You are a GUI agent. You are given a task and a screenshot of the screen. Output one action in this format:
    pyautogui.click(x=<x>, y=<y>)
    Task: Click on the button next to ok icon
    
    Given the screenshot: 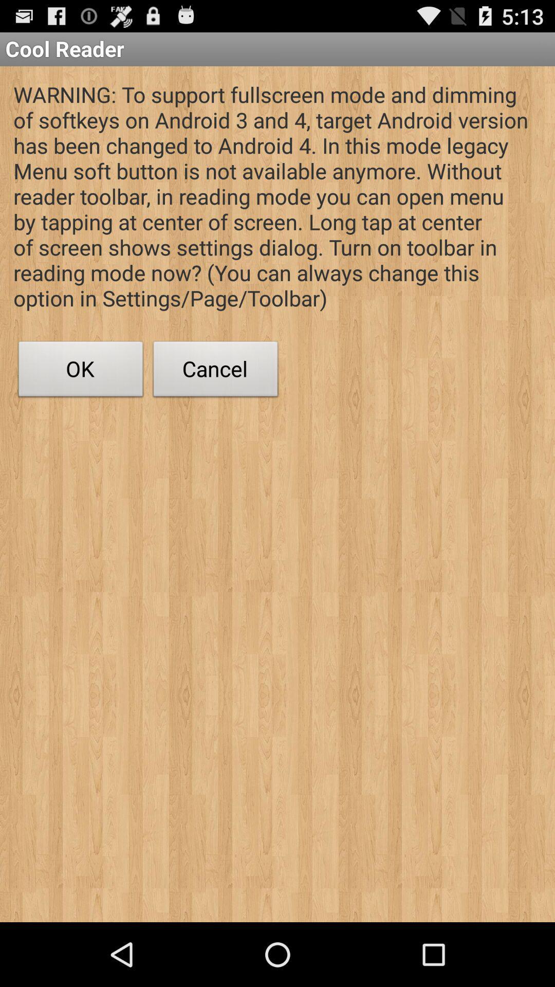 What is the action you would take?
    pyautogui.click(x=215, y=371)
    